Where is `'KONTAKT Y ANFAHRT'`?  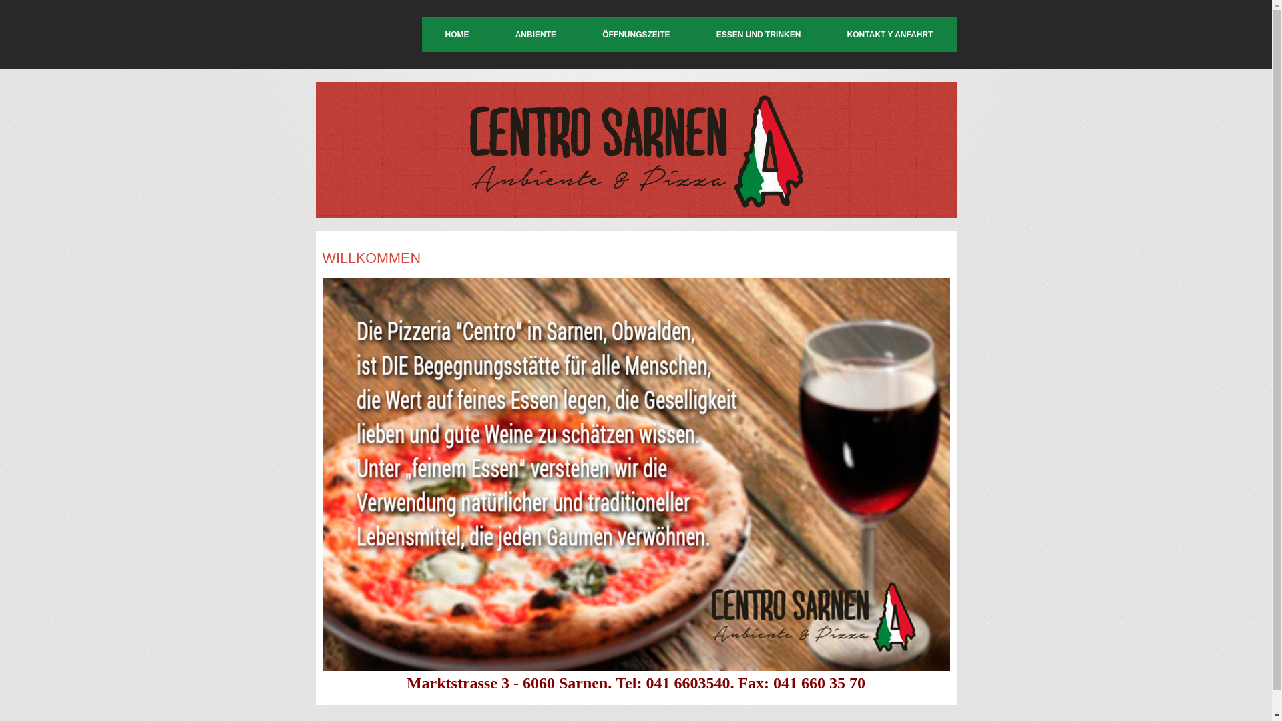
'KONTAKT Y ANFAHRT' is located at coordinates (890, 33).